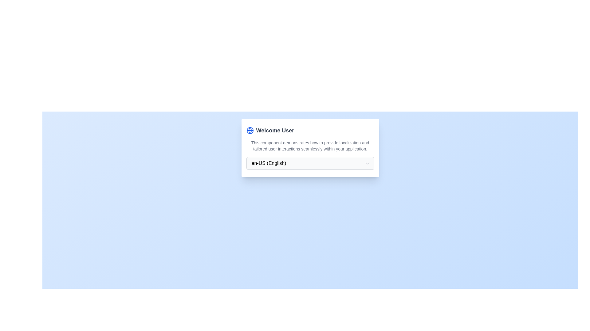 This screenshot has height=331, width=590. I want to click on an option from the dropdown menu that has a rounded border, light gray background, and a placeholder text reading 'en-US (English)', so click(310, 163).